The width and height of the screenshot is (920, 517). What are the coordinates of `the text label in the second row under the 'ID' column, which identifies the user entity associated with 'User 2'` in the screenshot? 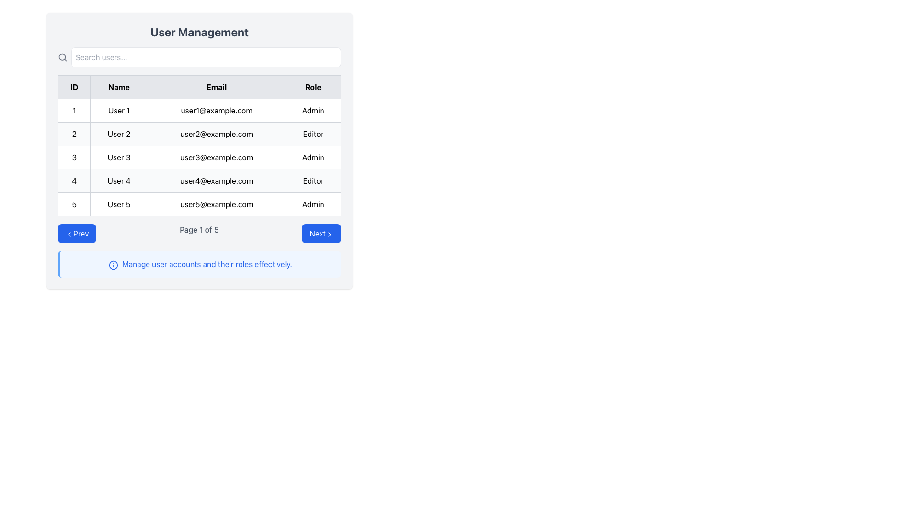 It's located at (74, 134).